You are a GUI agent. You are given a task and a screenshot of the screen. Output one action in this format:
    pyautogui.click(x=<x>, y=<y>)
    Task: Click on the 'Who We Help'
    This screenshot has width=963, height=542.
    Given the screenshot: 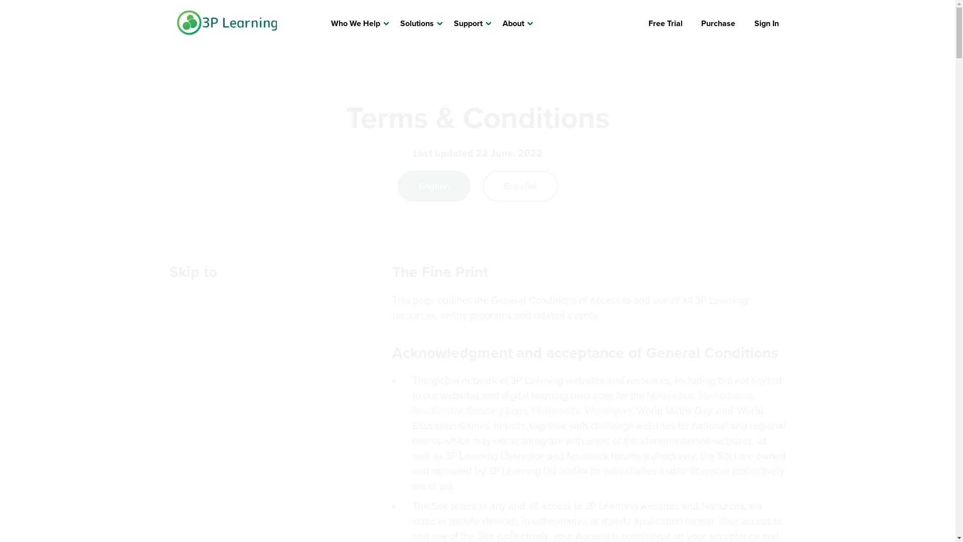 What is the action you would take?
    pyautogui.click(x=356, y=23)
    